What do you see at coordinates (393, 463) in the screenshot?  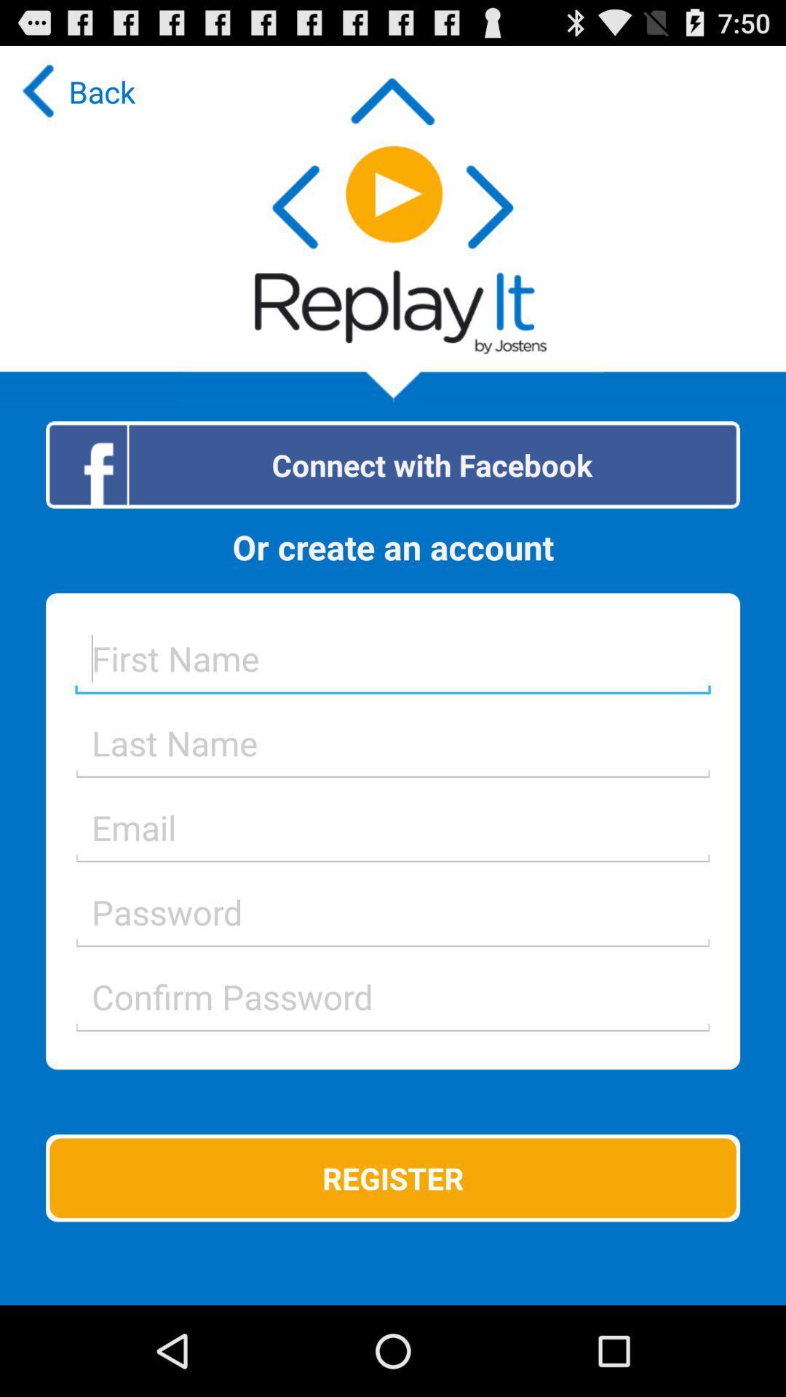 I see `the item above the or create an icon` at bounding box center [393, 463].